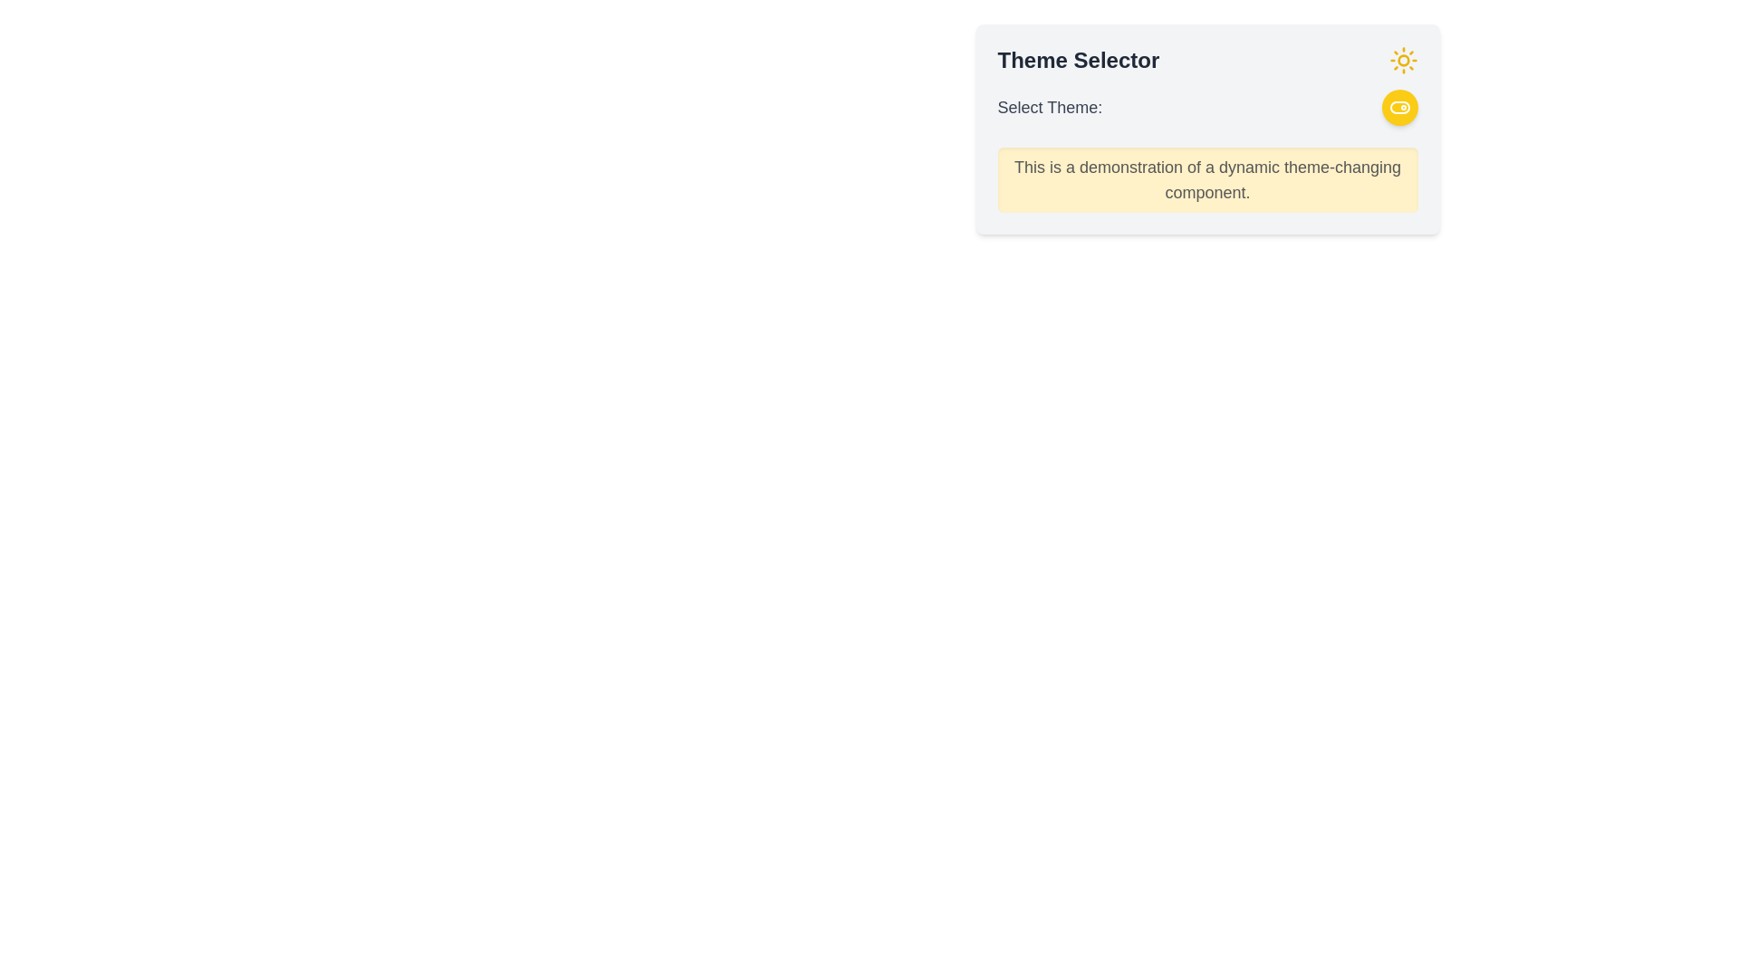 The image size is (1739, 978). I want to click on descriptive text displayed in the Text Box located at the bottom of the 'Theme Selector' panel, following the 'Select Theme:' subsection, so click(1207, 180).